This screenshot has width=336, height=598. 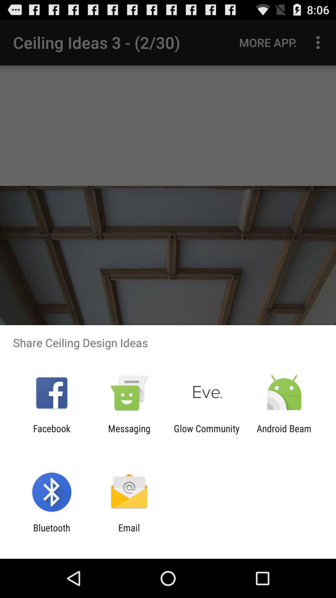 What do you see at coordinates (284, 434) in the screenshot?
I see `the app at the bottom right corner` at bounding box center [284, 434].